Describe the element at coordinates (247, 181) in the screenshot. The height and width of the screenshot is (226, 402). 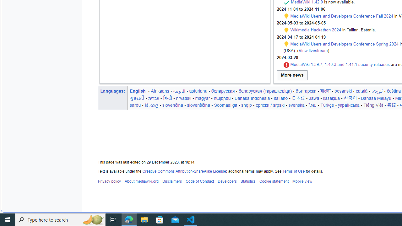
I see `'Statistics'` at that location.